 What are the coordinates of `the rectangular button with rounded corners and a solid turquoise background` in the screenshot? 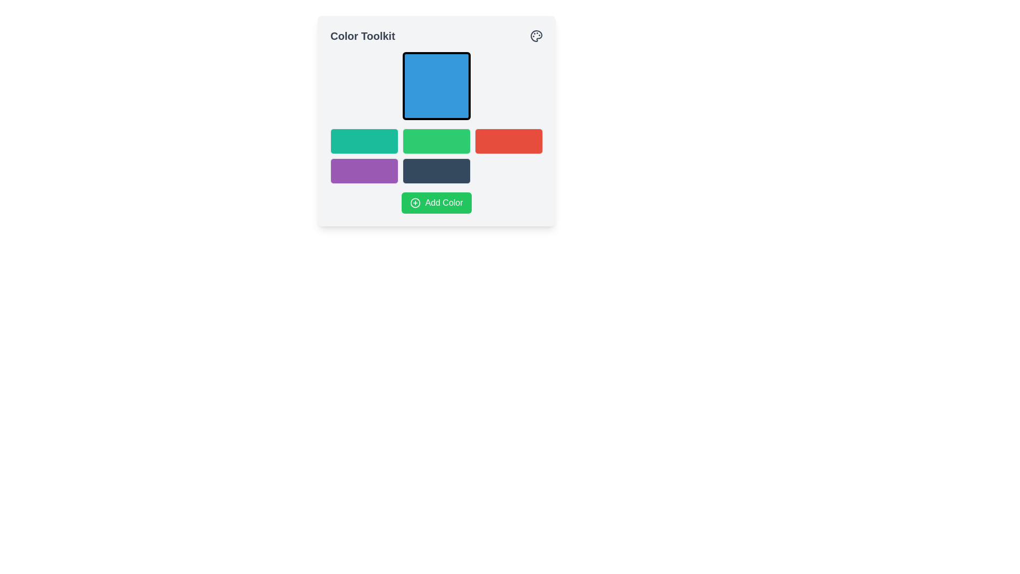 It's located at (364, 141).